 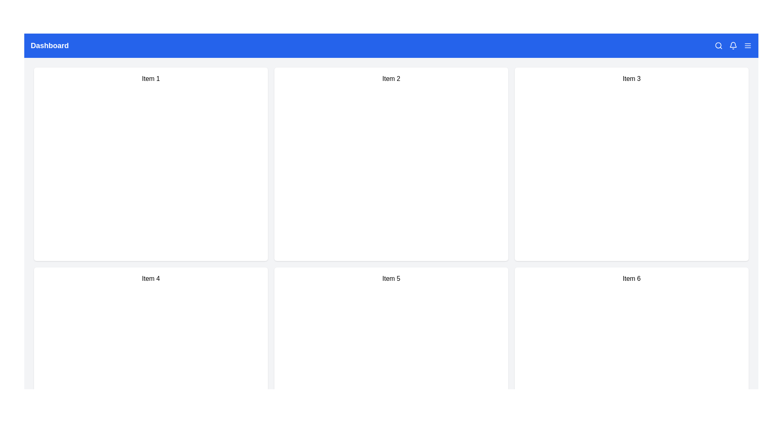 I want to click on the fourth icon in the top-right corner of the interface, so click(x=747, y=45).